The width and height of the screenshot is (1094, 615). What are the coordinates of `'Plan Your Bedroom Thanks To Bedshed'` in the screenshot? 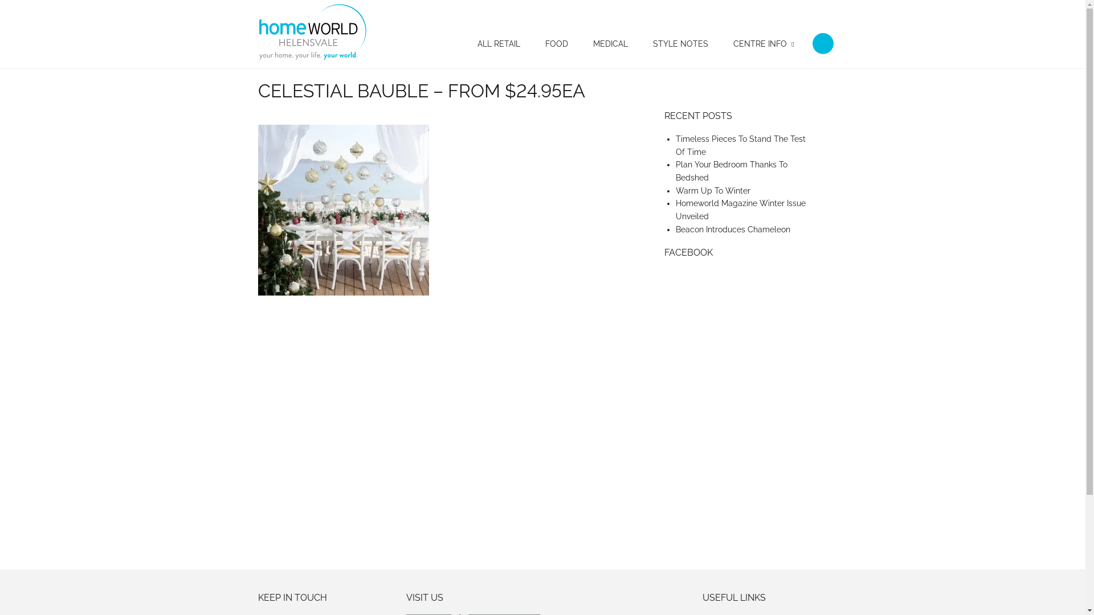 It's located at (731, 171).